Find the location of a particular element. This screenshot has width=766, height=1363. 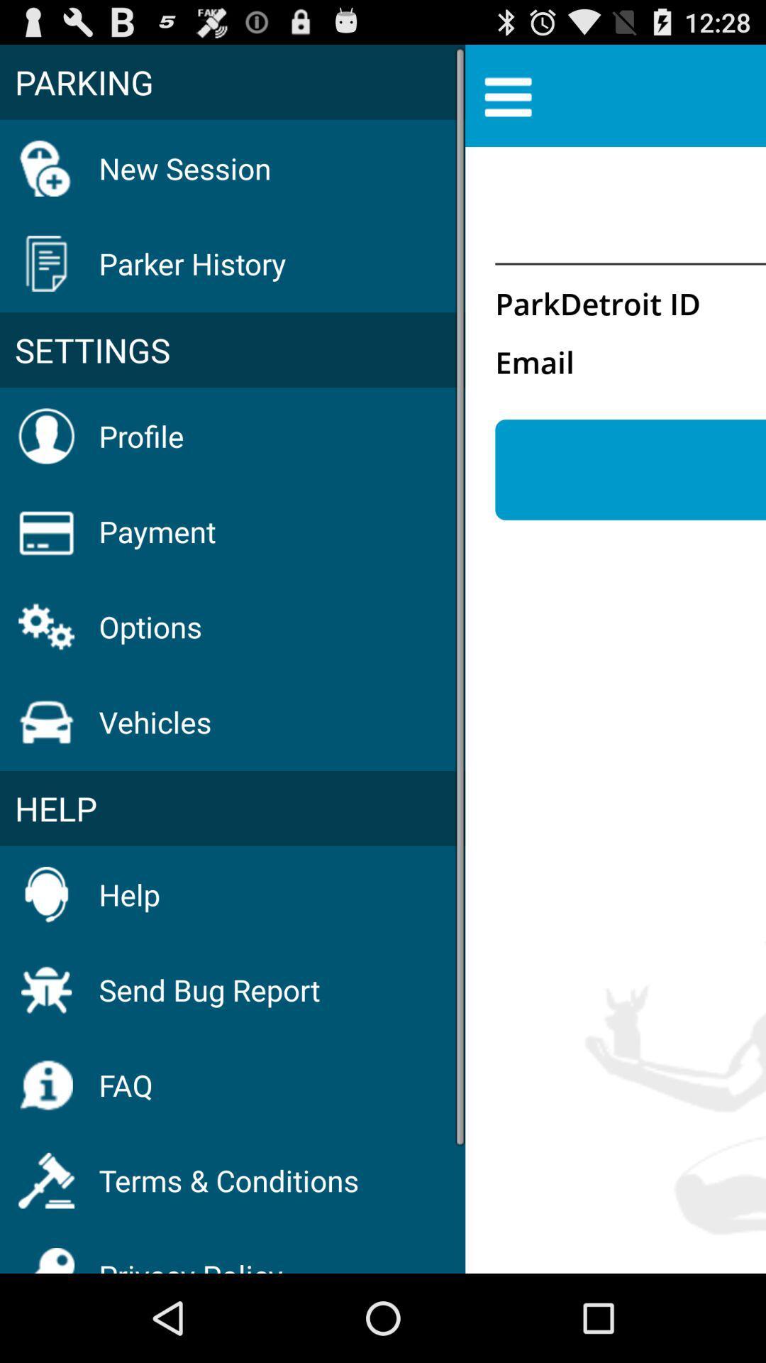

icon below the help item is located at coordinates (209, 989).